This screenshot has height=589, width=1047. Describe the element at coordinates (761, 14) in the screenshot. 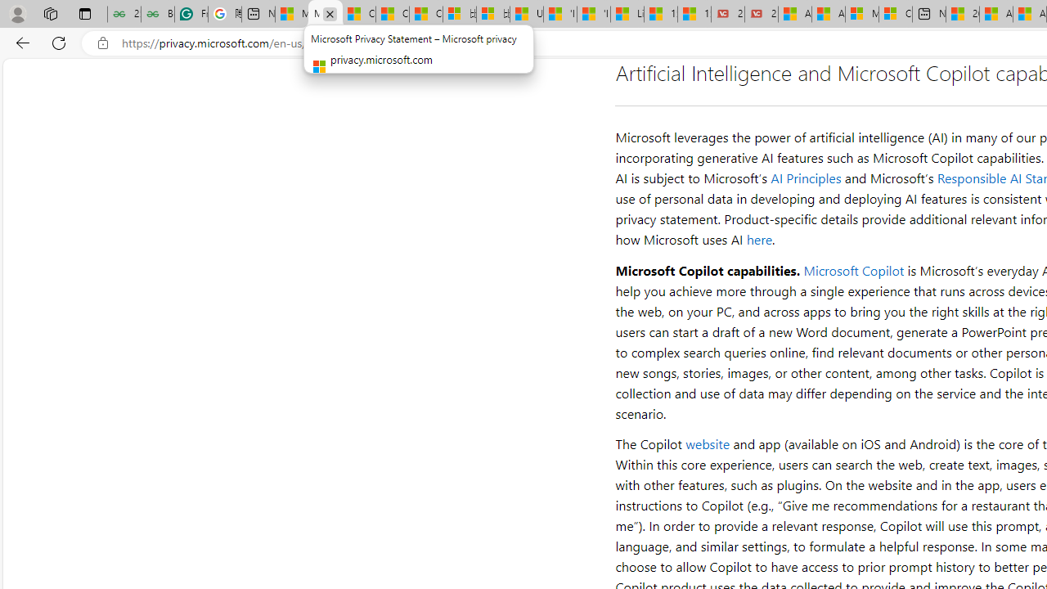

I see `'21 Movies That Outdid the Books They Were Based On'` at that location.